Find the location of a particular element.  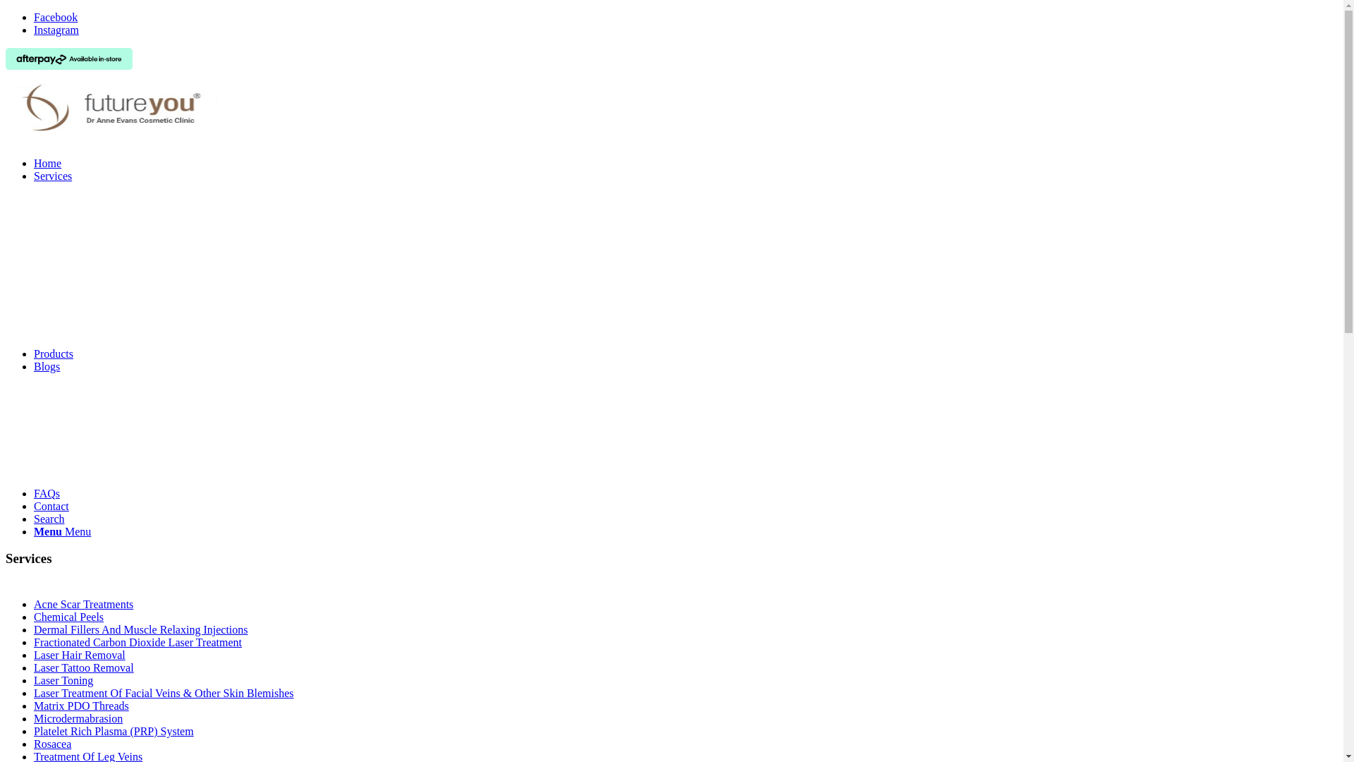

'Acne Scar Treatments' is located at coordinates (83, 603).